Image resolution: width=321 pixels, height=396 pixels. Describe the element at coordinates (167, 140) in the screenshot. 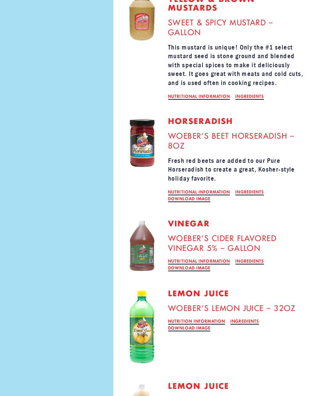

I see `'WOEBER’S BEET HORSERADISH – 8OZ'` at that location.